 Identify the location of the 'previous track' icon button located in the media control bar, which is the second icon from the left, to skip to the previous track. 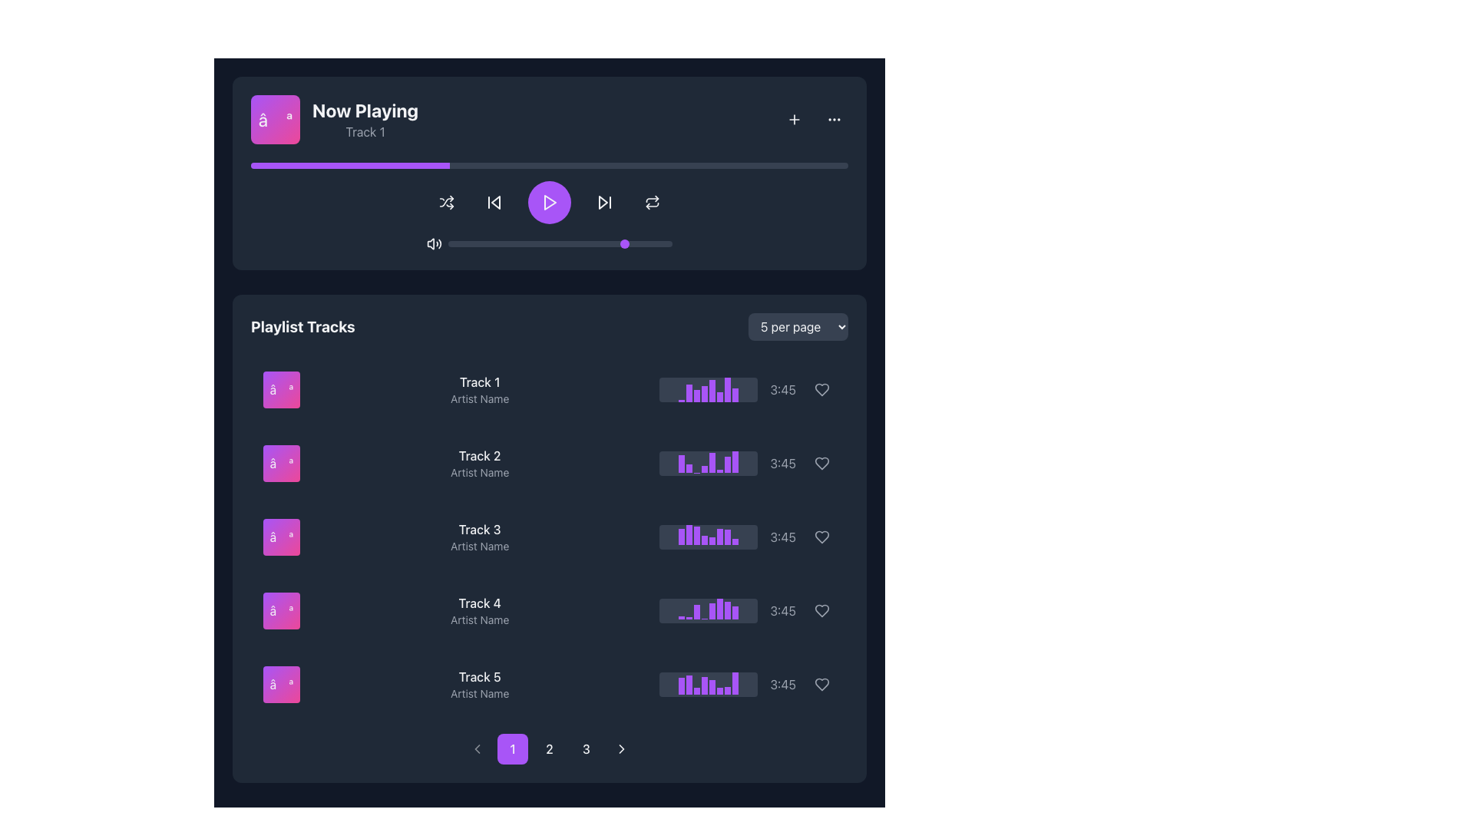
(494, 201).